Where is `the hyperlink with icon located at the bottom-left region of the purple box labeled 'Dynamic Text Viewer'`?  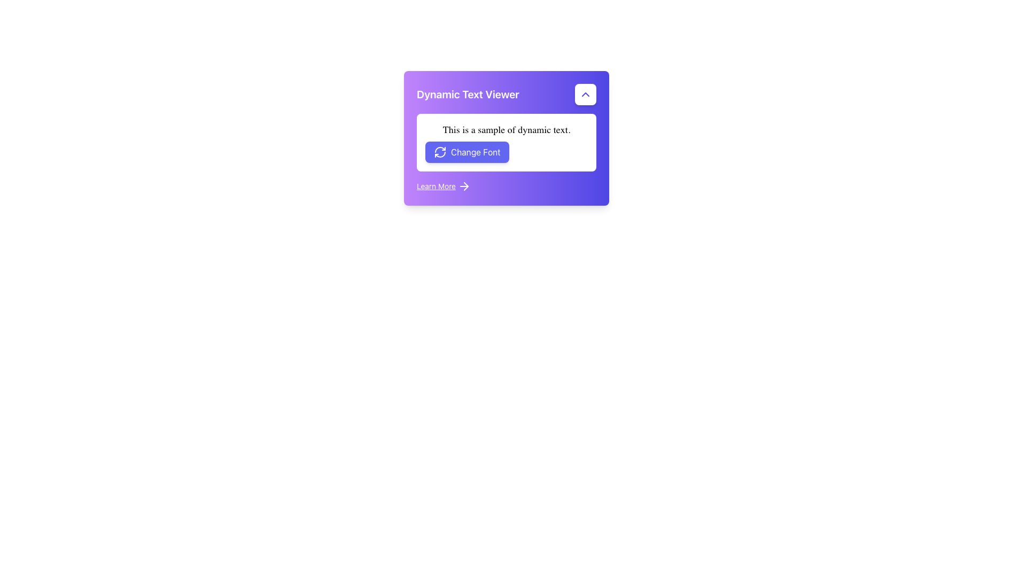
the hyperlink with icon located at the bottom-left region of the purple box labeled 'Dynamic Text Viewer' is located at coordinates (444, 185).